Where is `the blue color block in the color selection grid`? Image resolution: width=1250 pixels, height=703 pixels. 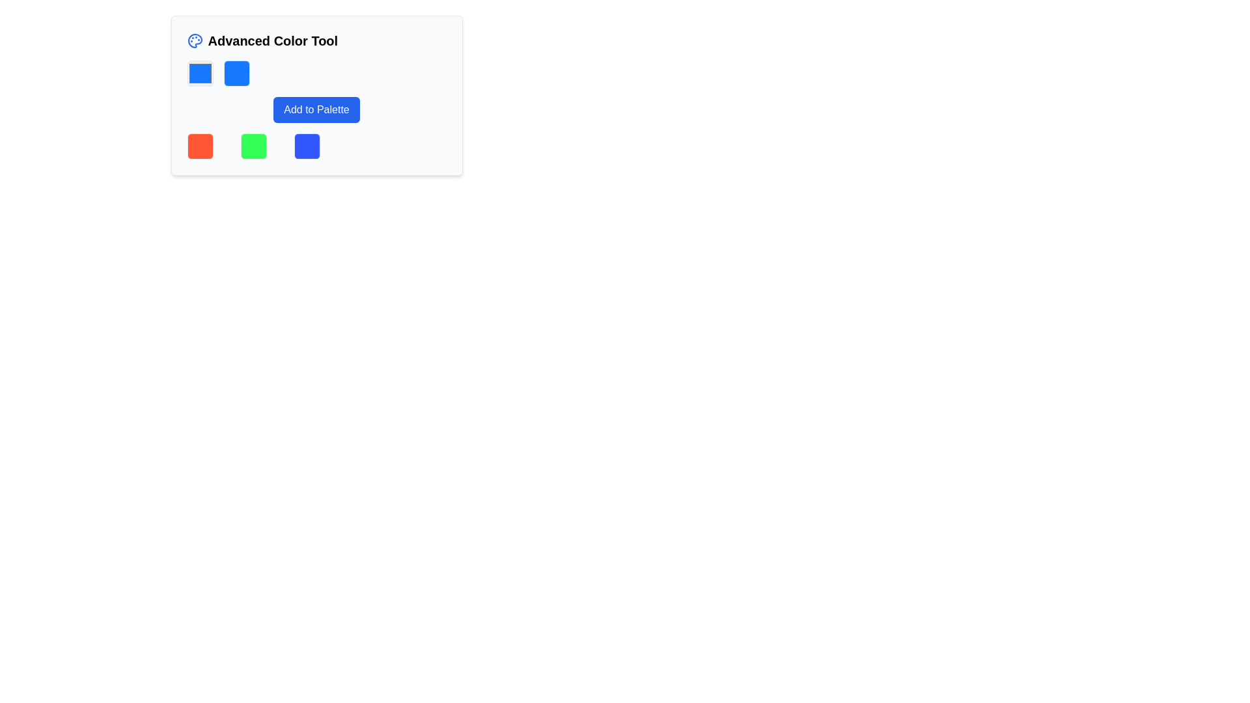
the blue color block in the color selection grid is located at coordinates (316, 146).